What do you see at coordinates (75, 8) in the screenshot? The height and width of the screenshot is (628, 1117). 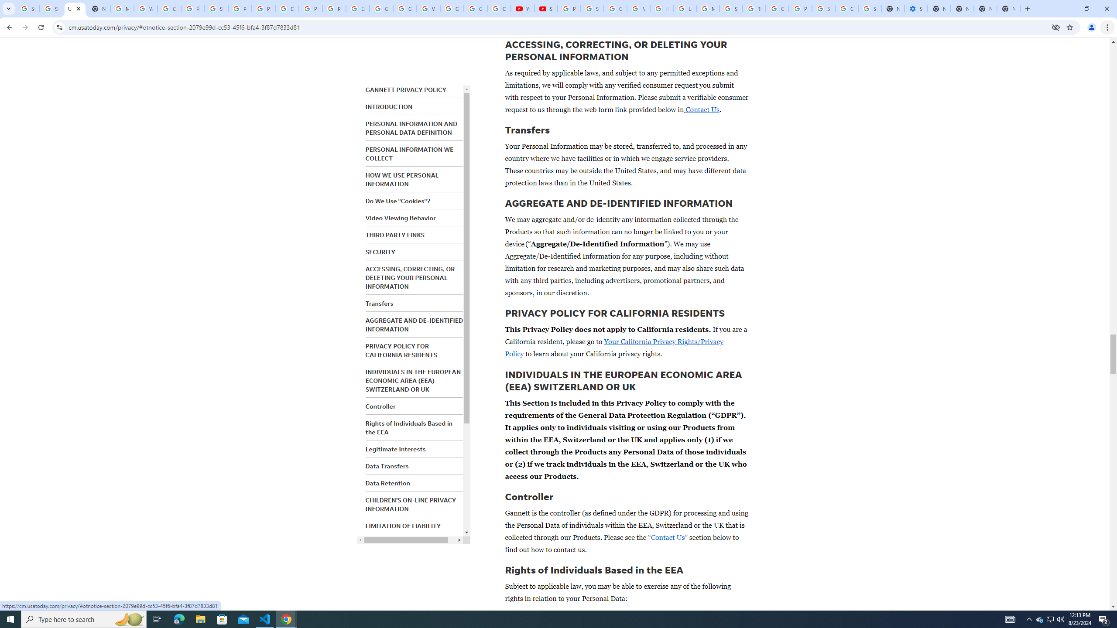 I see `'USA TODAY'` at bounding box center [75, 8].